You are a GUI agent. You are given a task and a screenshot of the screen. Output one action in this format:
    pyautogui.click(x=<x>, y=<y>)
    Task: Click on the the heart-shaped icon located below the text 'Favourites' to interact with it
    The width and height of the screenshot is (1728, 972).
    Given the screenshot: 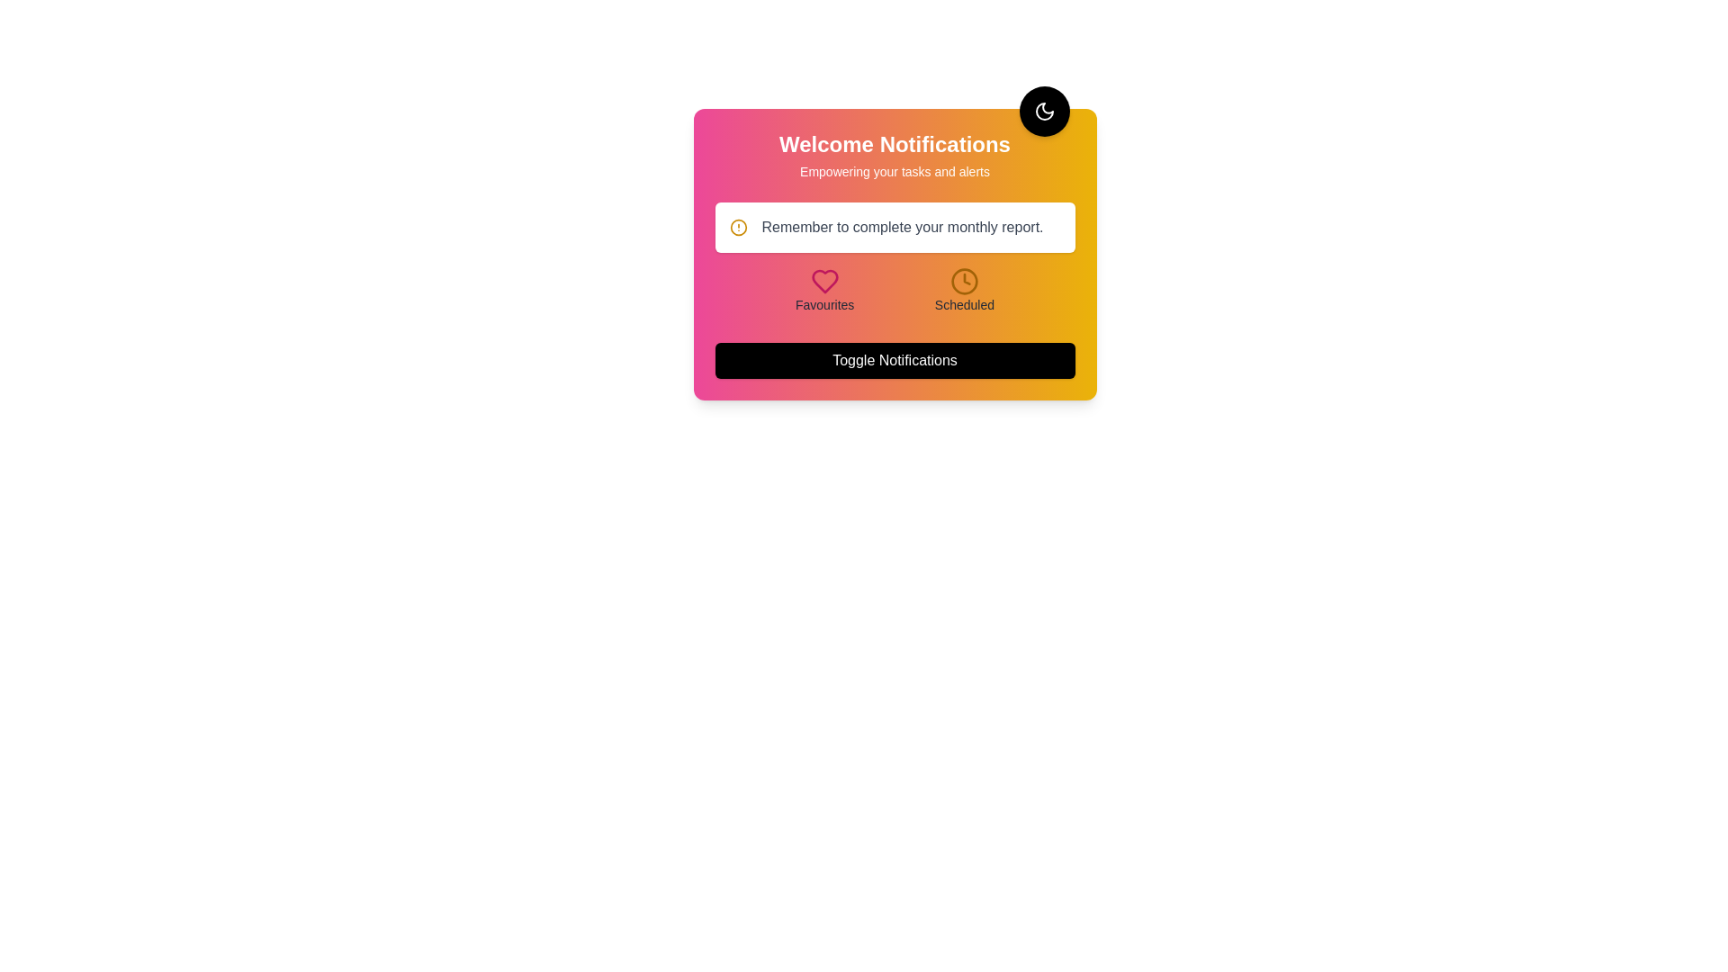 What is the action you would take?
    pyautogui.click(x=823, y=281)
    